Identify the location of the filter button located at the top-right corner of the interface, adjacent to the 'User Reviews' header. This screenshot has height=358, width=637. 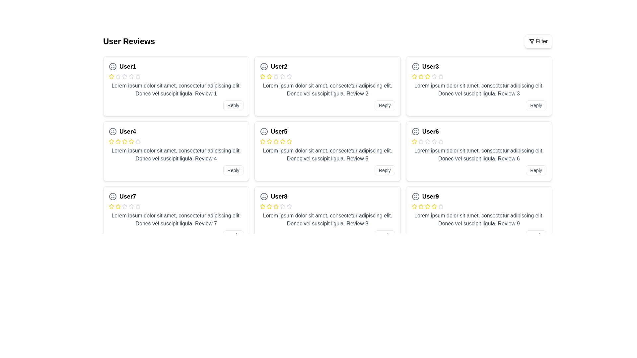
(538, 41).